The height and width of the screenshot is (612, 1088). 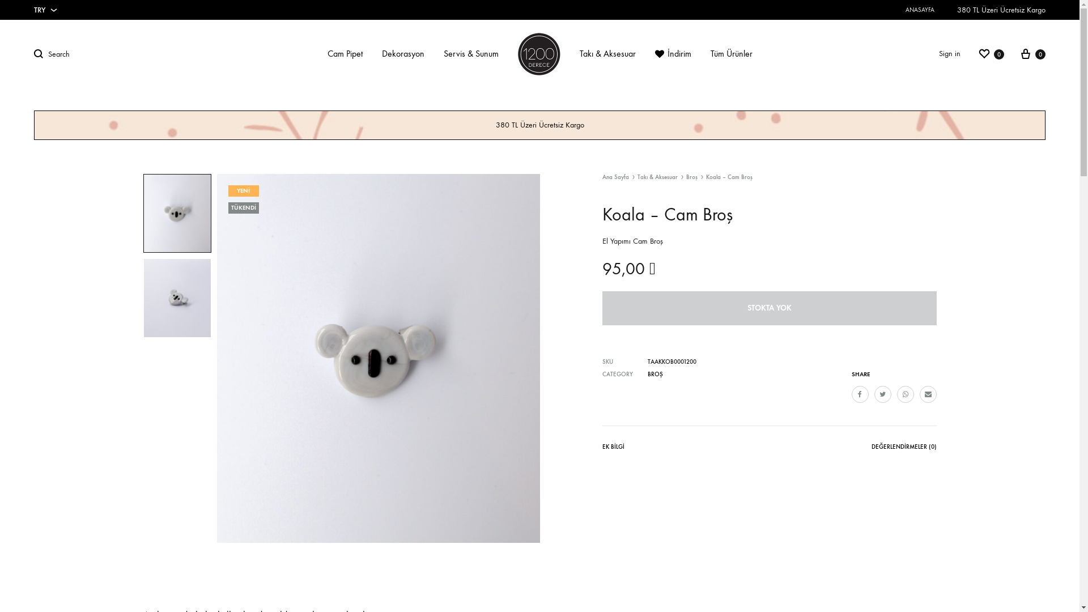 What do you see at coordinates (976, 53) in the screenshot?
I see `'Wishlist` at bounding box center [976, 53].